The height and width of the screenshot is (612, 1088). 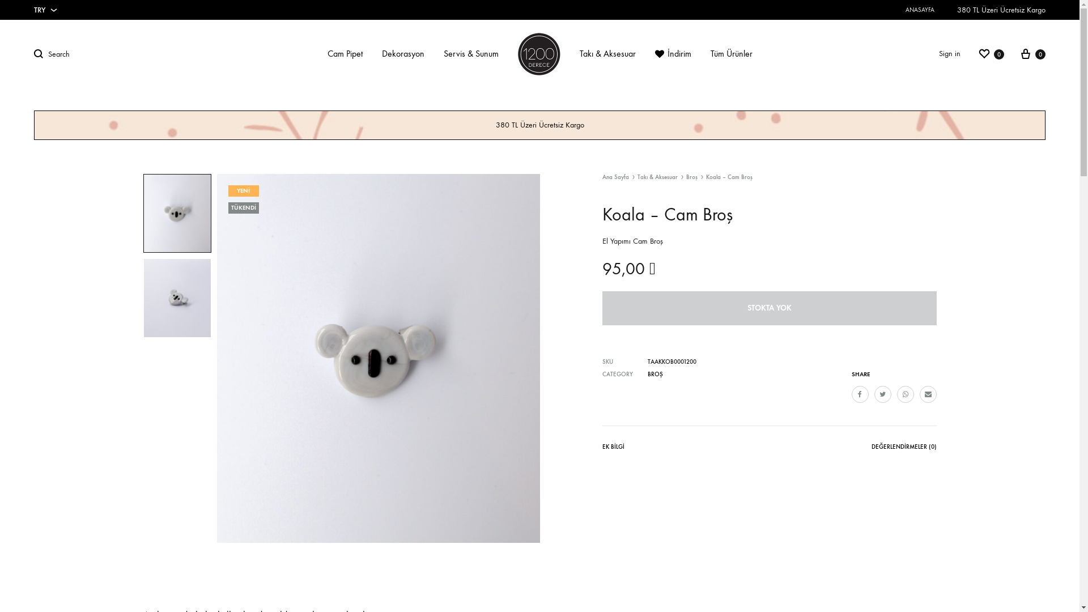 What do you see at coordinates (976, 53) in the screenshot?
I see `'Wishlist` at bounding box center [976, 53].